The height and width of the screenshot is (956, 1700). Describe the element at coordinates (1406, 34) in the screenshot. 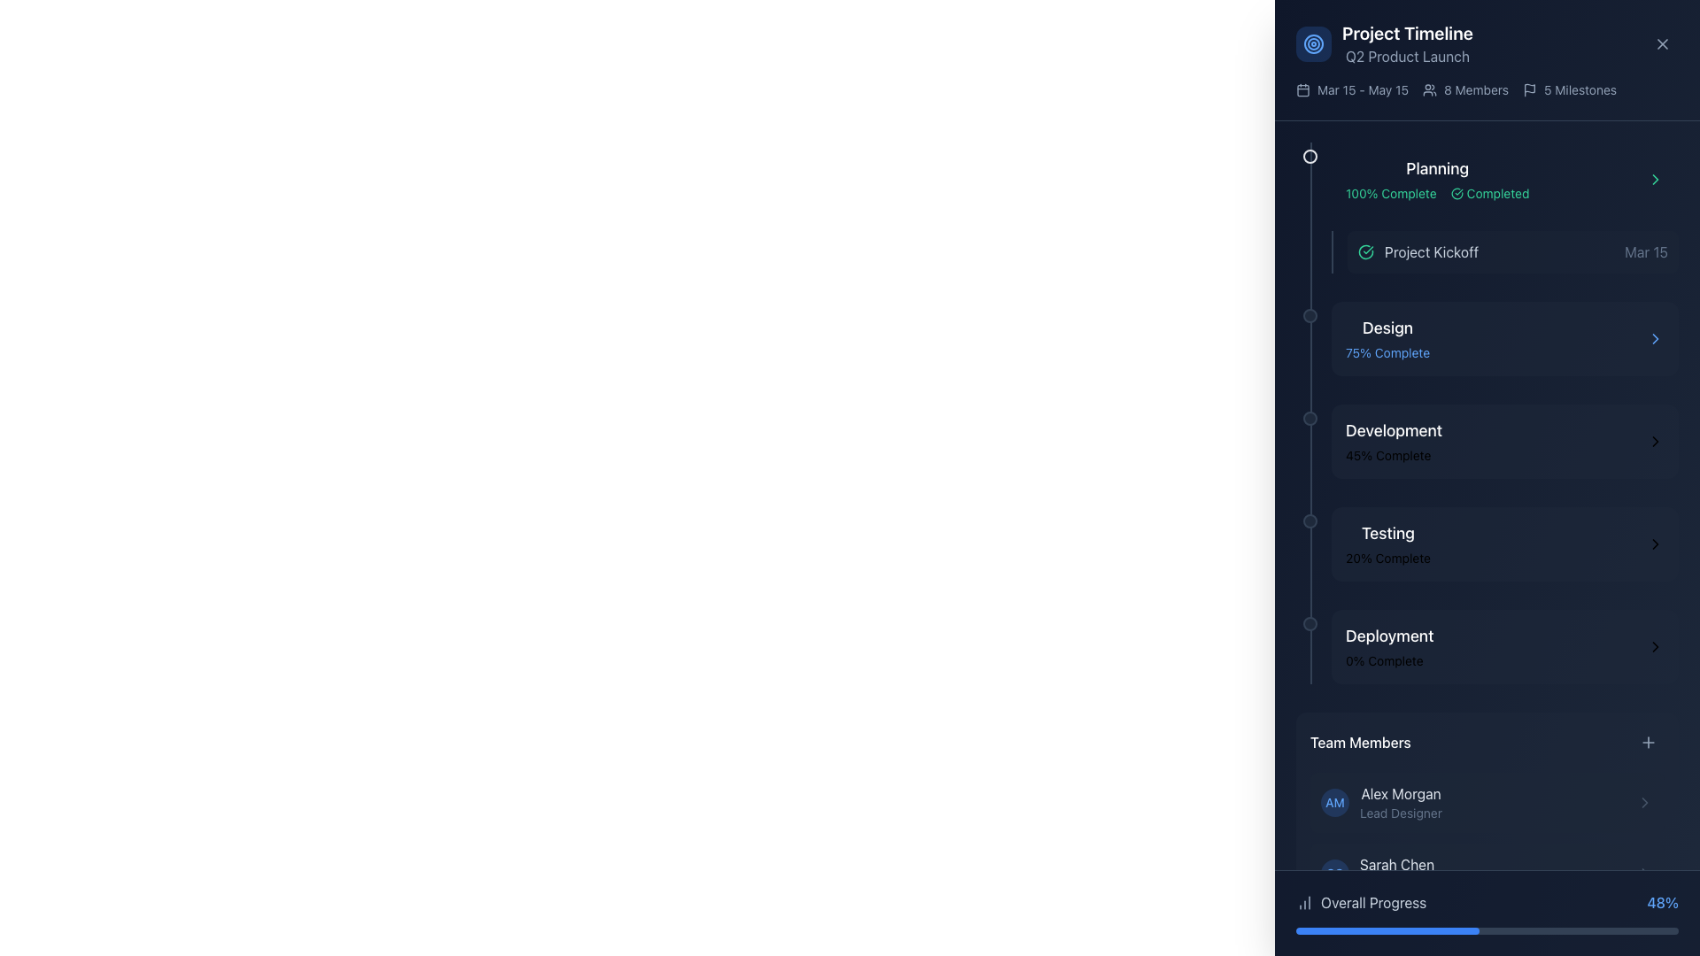

I see `title text of the text label displaying 'Project Timeline', which is a large, bold, white font positioned at the top-left of the sidebar section` at that location.